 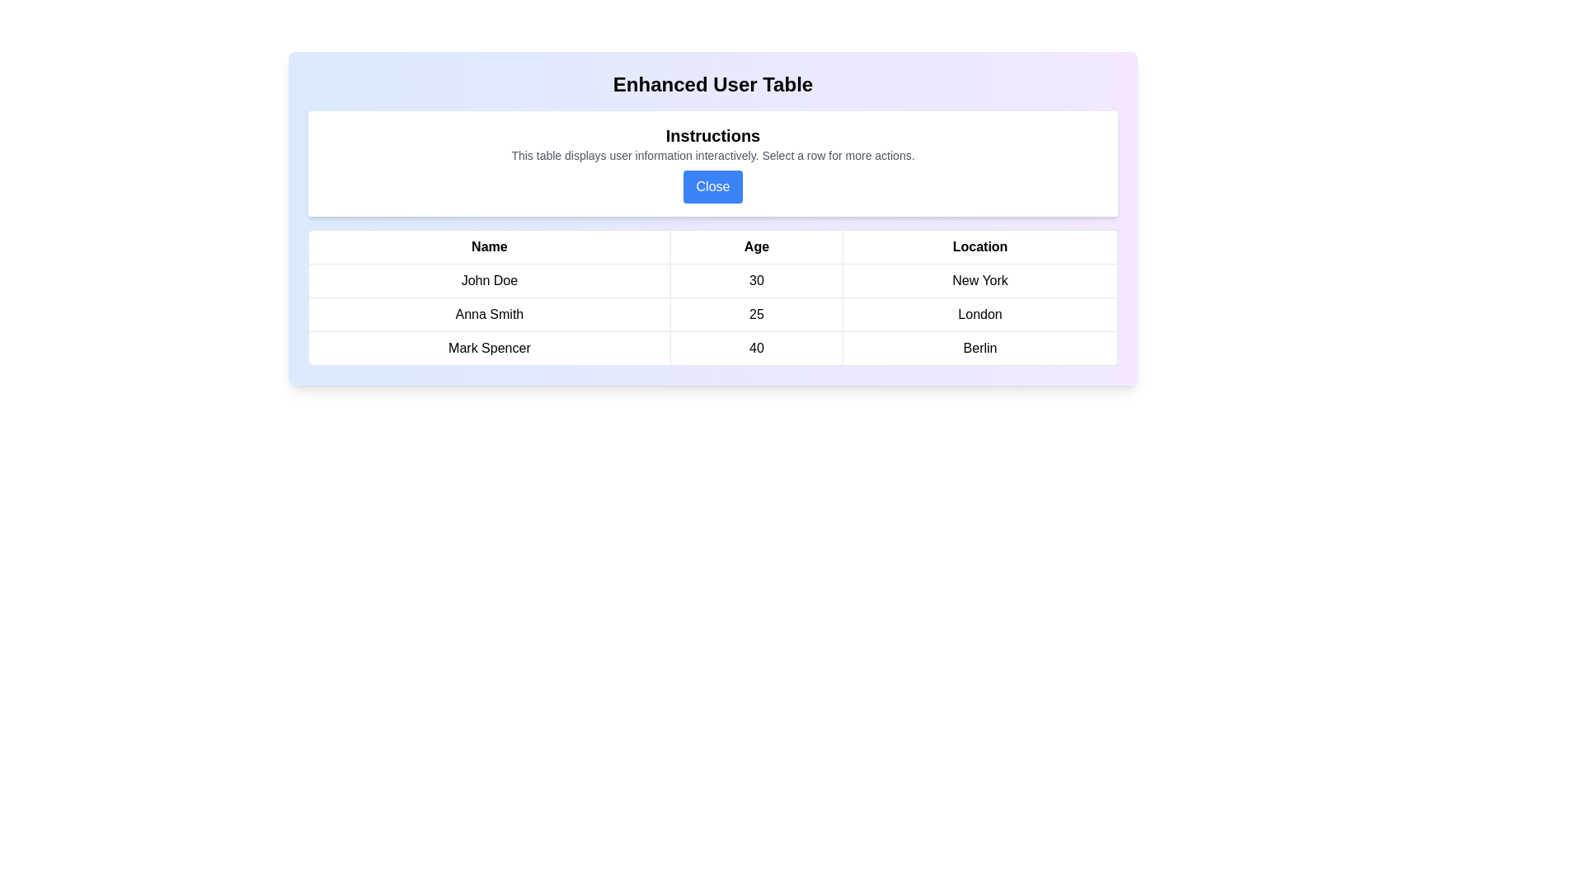 What do you see at coordinates (712, 279) in the screenshot?
I see `the first row of the table displaying details about 'John Doe', '30', and 'New York'` at bounding box center [712, 279].